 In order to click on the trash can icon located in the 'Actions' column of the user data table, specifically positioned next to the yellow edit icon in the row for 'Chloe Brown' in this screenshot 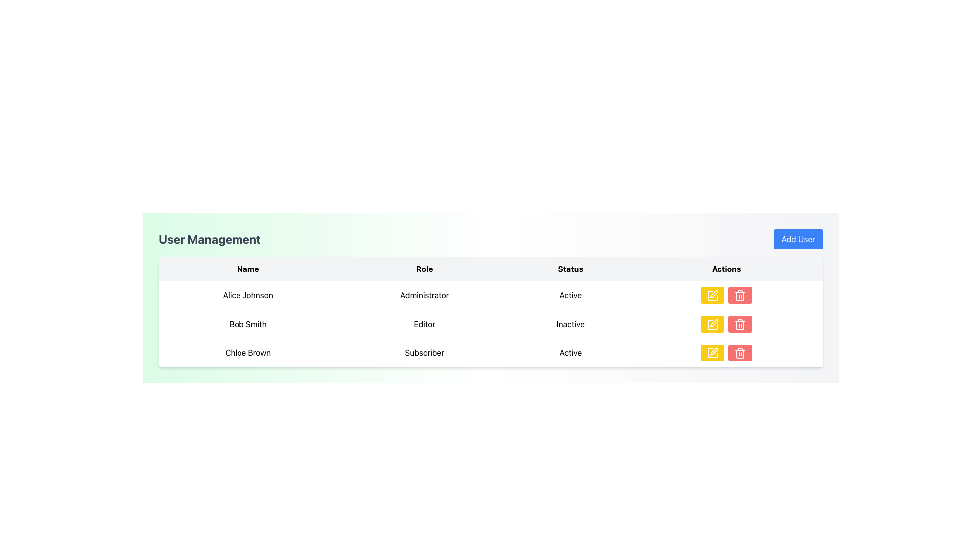, I will do `click(740, 353)`.